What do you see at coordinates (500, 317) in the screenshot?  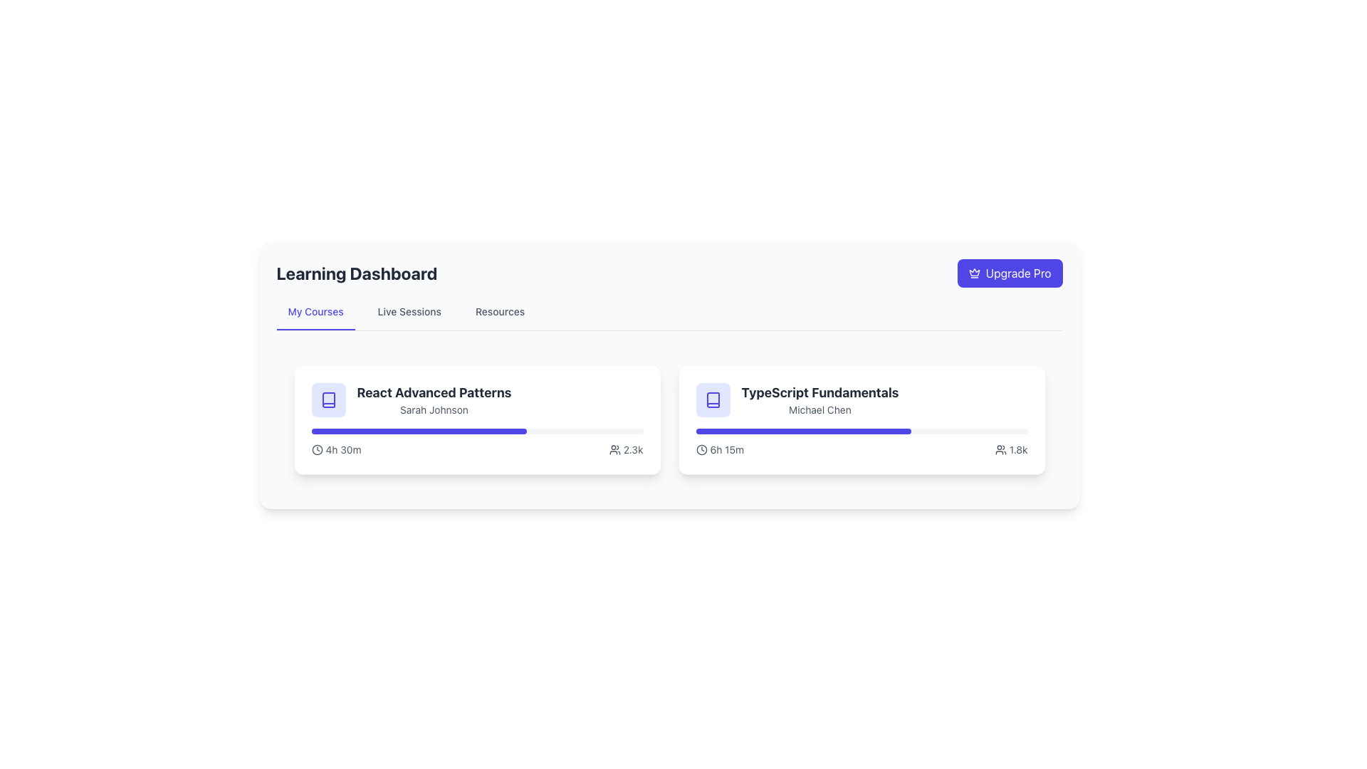 I see `the navigation tab labeled 'Resources' located as the third item under the 'Learning Dashboard' header to switch to the Resources section` at bounding box center [500, 317].